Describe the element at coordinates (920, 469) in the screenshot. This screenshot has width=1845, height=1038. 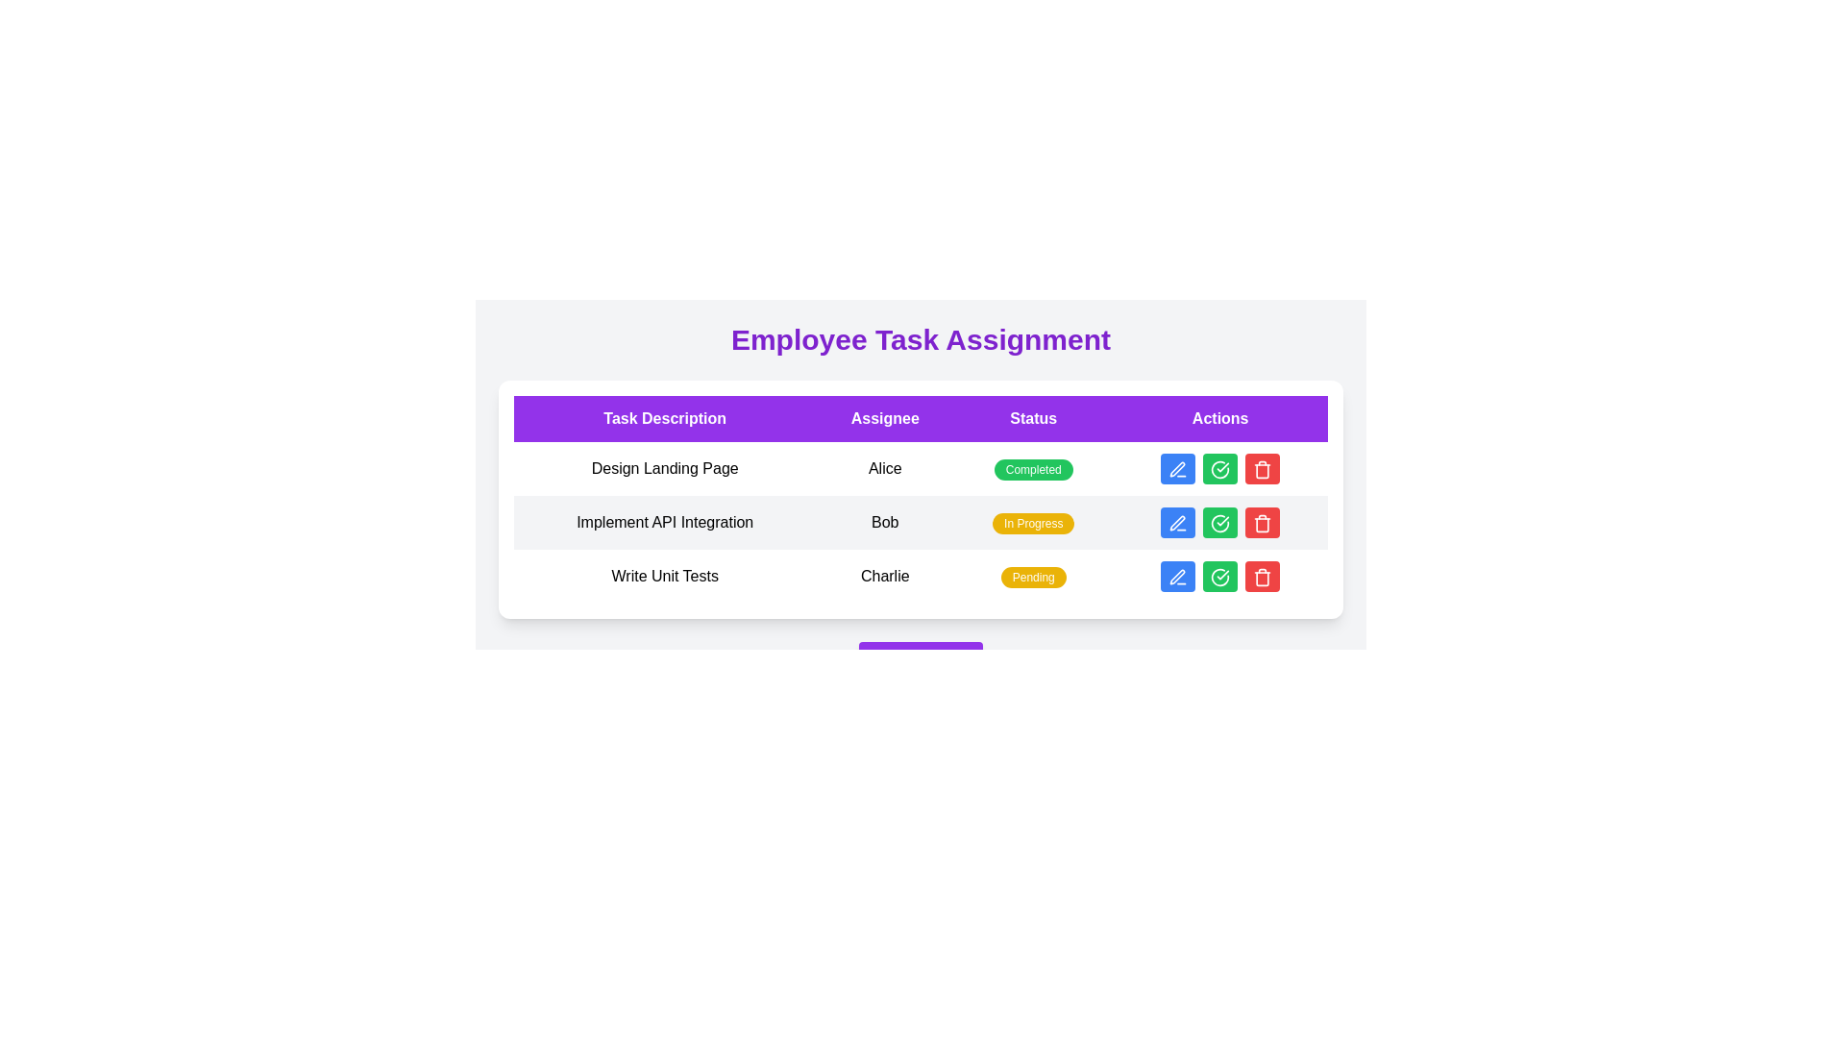
I see `the first row of the task assignment table which contains the task 'Design Landing Page', assigned to 'Alice', with a status of 'Completed' for additional details` at that location.